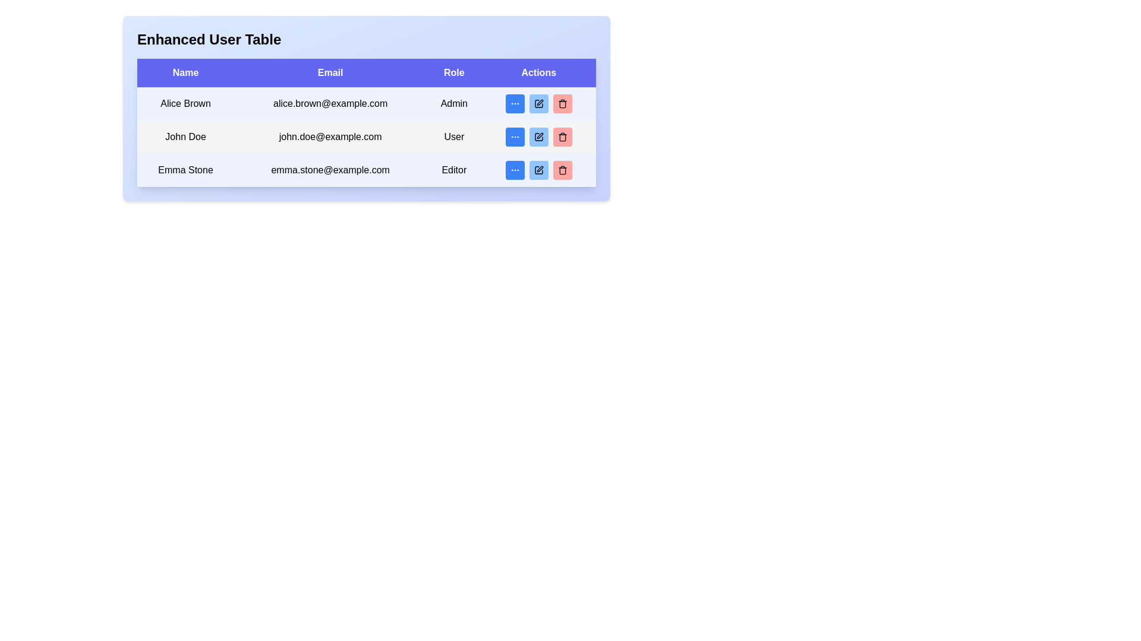  What do you see at coordinates (515, 137) in the screenshot?
I see `the button in the 'Actions' column that provides additional options related to the 'User' entry in the table row` at bounding box center [515, 137].